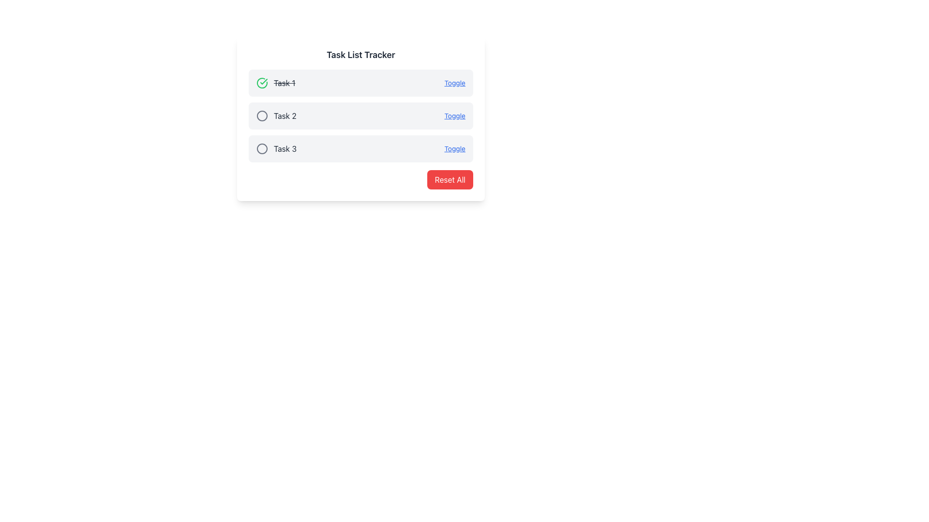 The width and height of the screenshot is (929, 522). I want to click on the 'Toggle' text link, which is styled in blue and underlined, located at the far-right end of the first task row in the task list interface, so click(454, 83).